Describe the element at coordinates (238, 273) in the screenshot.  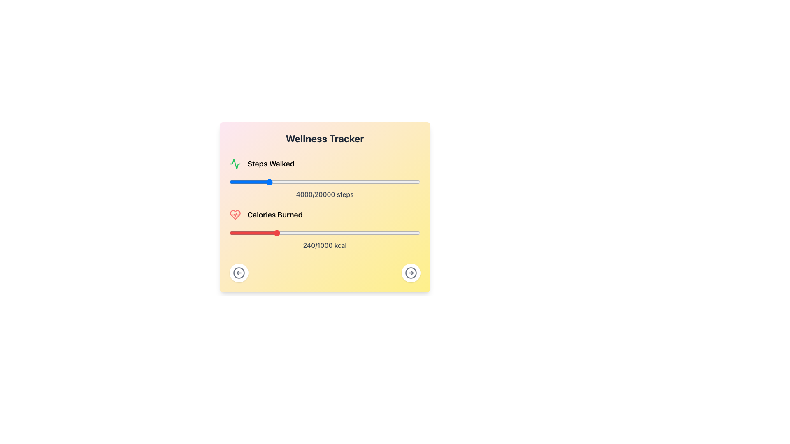
I see `the inner circular SVG element within the bottom-left corner icon of the wellness tracker card, which features a leftward arrow` at that location.